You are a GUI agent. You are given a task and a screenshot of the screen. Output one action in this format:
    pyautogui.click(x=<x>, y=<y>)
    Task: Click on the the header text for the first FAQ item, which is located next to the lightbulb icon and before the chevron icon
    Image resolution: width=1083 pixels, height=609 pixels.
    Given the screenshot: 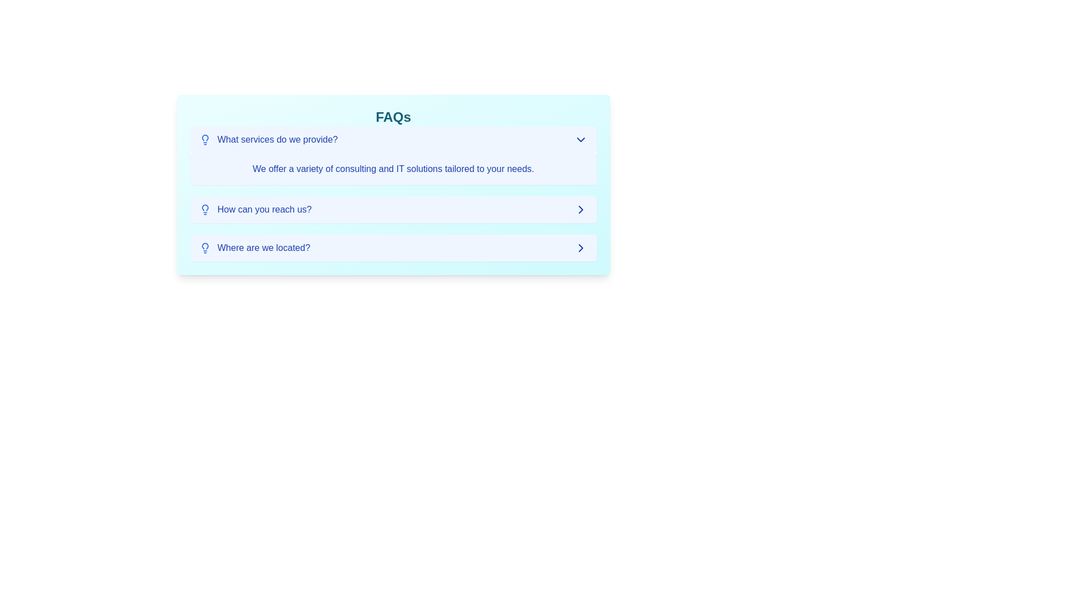 What is the action you would take?
    pyautogui.click(x=268, y=139)
    